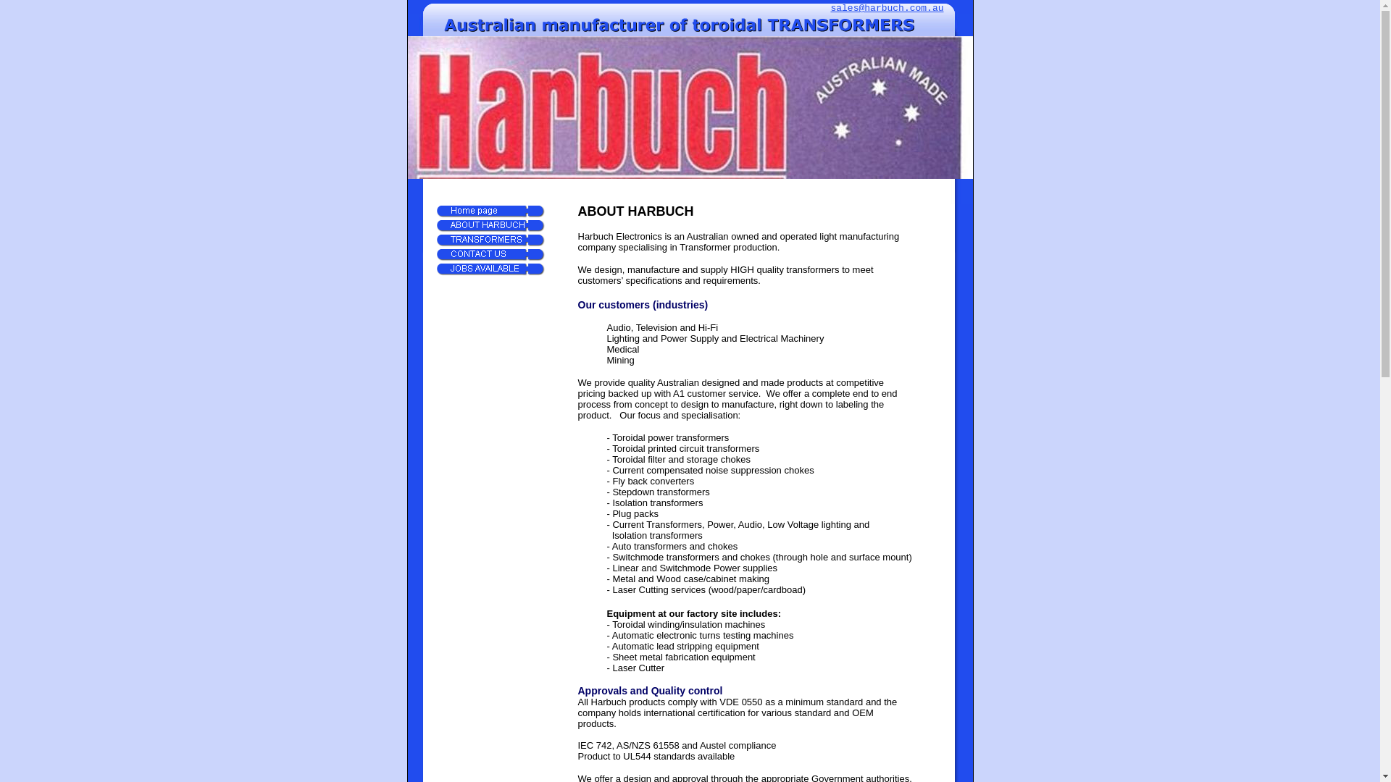 Image resolution: width=1391 pixels, height=782 pixels. What do you see at coordinates (490, 226) in the screenshot?
I see `'ABOUT HARBUCH'` at bounding box center [490, 226].